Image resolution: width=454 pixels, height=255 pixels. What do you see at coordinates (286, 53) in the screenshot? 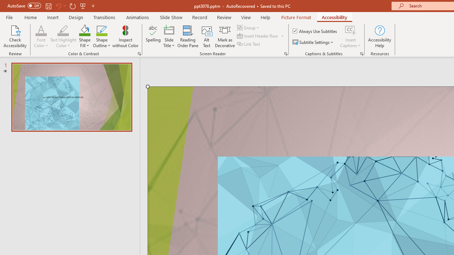
I see `'Screen Reader'` at bounding box center [286, 53].